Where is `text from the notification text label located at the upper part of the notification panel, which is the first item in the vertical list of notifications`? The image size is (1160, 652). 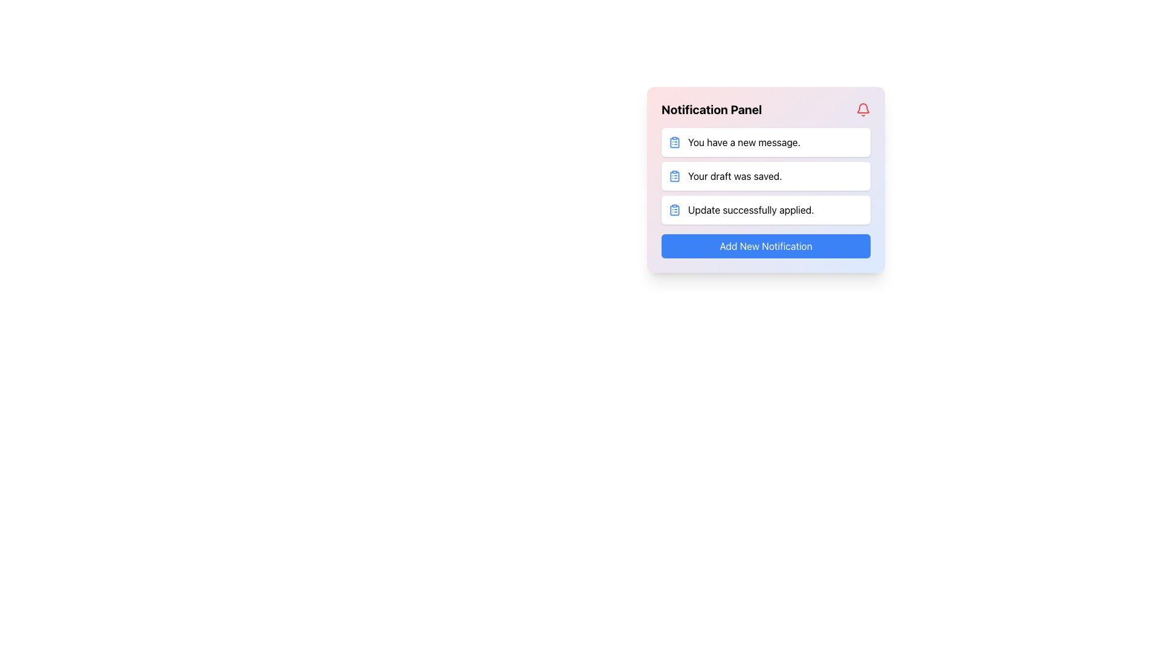 text from the notification text label located at the upper part of the notification panel, which is the first item in the vertical list of notifications is located at coordinates (744, 141).